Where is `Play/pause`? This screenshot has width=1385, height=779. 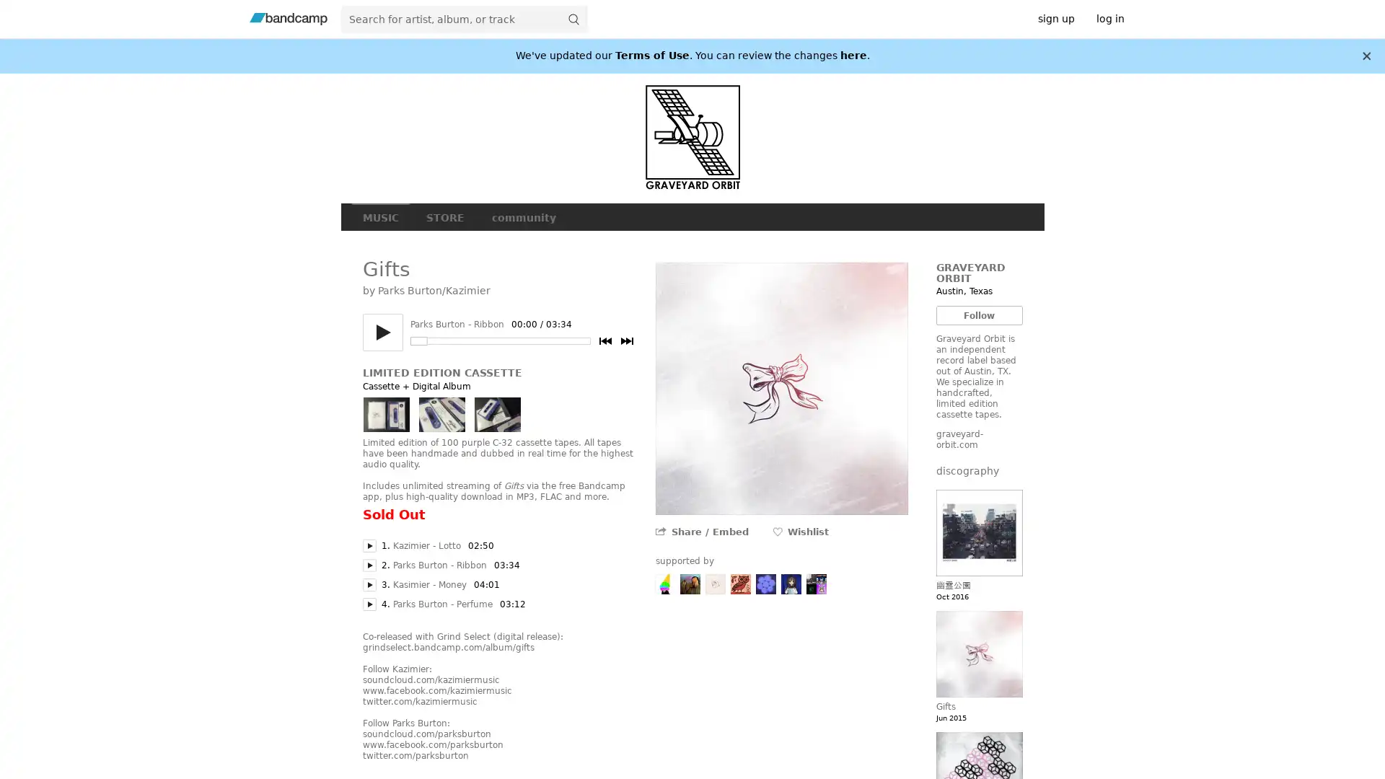 Play/pause is located at coordinates (382, 333).